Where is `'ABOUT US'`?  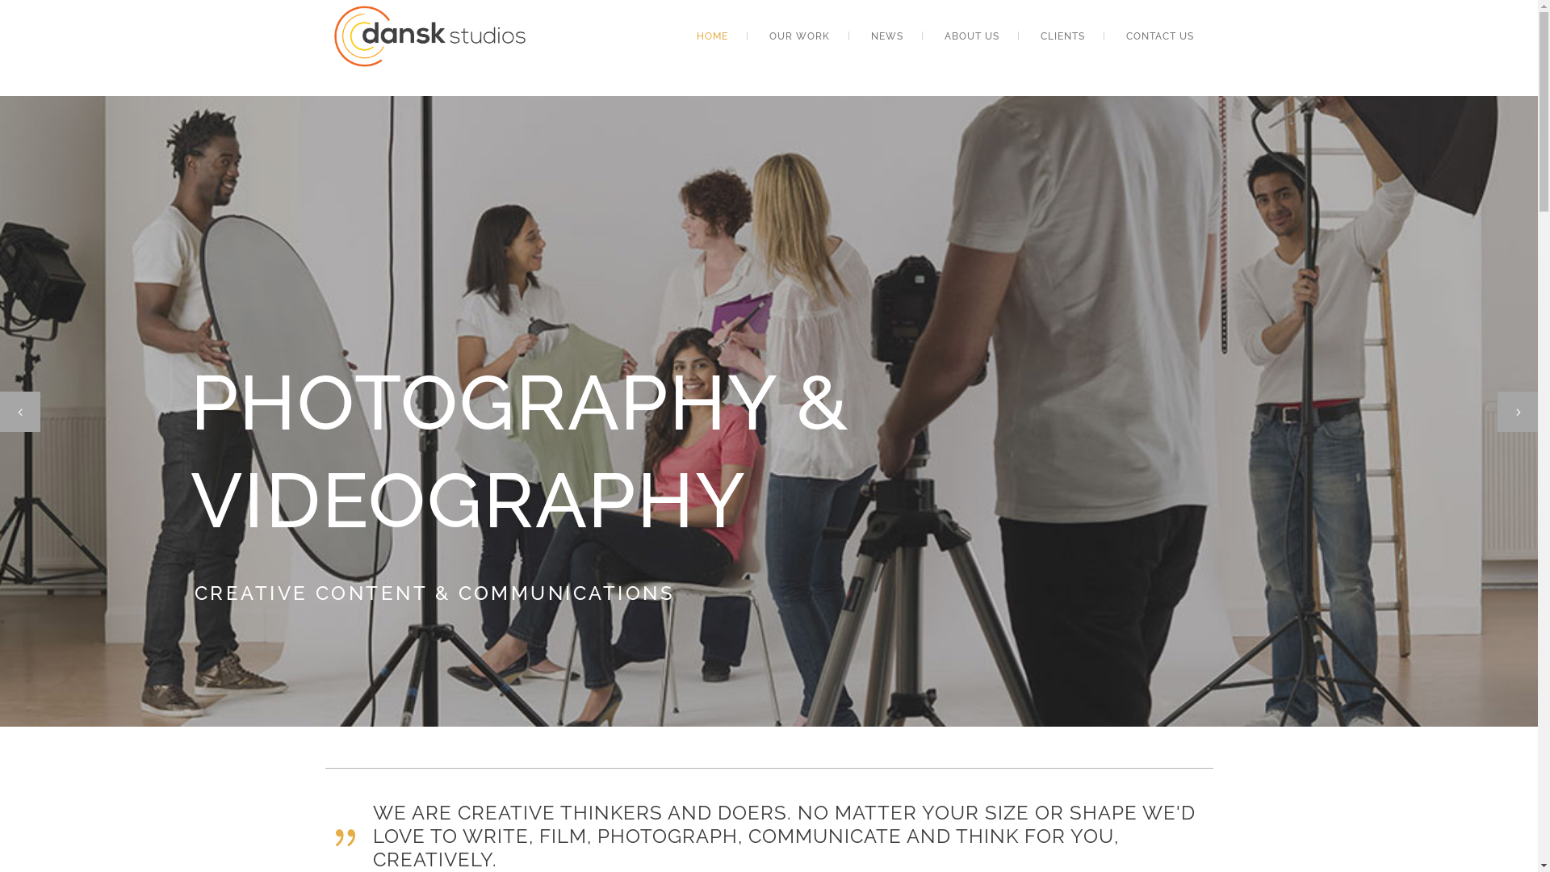 'ABOUT US' is located at coordinates (925, 36).